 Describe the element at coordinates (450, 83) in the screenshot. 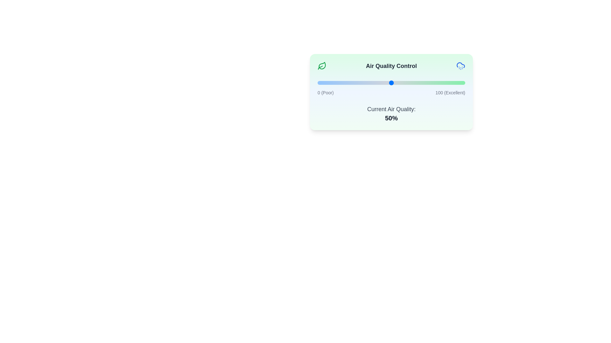

I see `the air quality slider to 90%` at that location.